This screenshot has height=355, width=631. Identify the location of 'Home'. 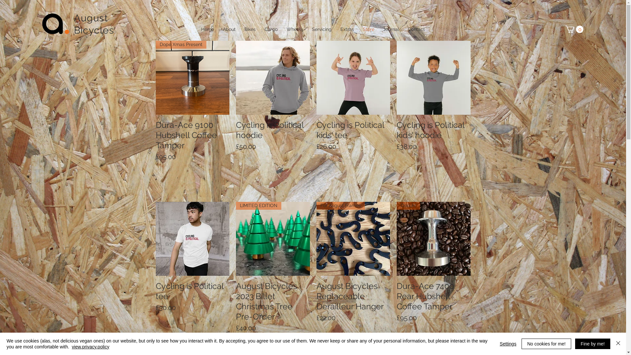
(196, 29).